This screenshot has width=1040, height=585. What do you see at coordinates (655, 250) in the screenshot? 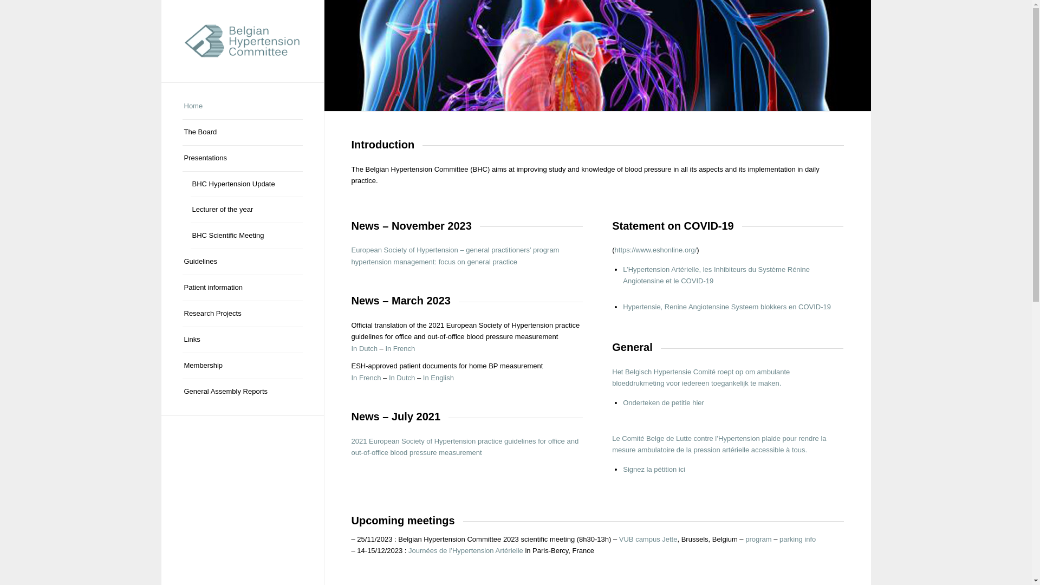
I see `'https://www.eshonline.org/'` at bounding box center [655, 250].